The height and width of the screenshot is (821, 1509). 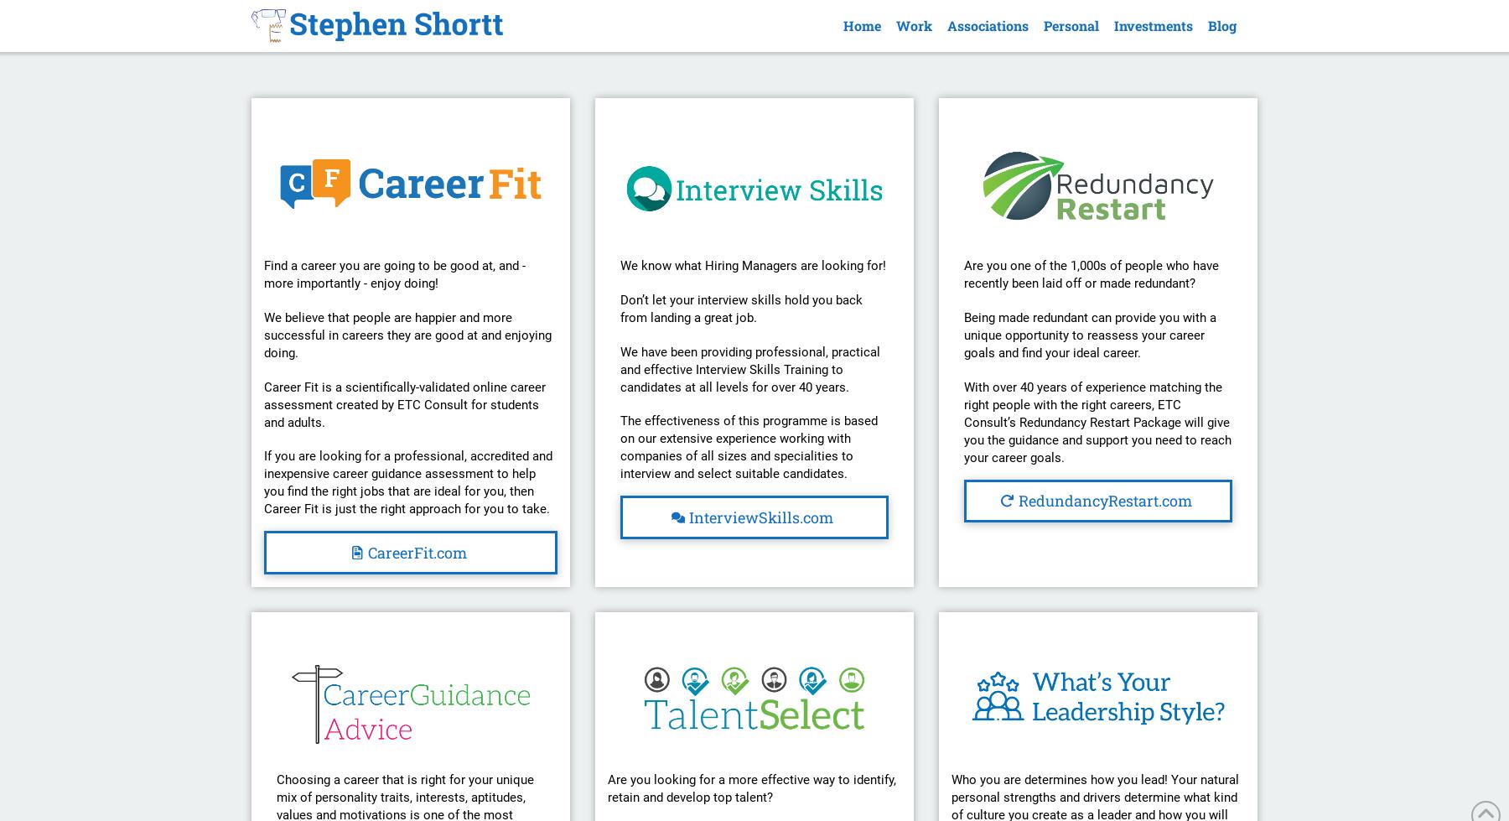 I want to click on 'If you are looking for a professional, accredited and inexpensive career guidance assessment to help you find the right jobs that are ideal for you, then Career Fit is just the right approach for you to take.', so click(x=407, y=481).